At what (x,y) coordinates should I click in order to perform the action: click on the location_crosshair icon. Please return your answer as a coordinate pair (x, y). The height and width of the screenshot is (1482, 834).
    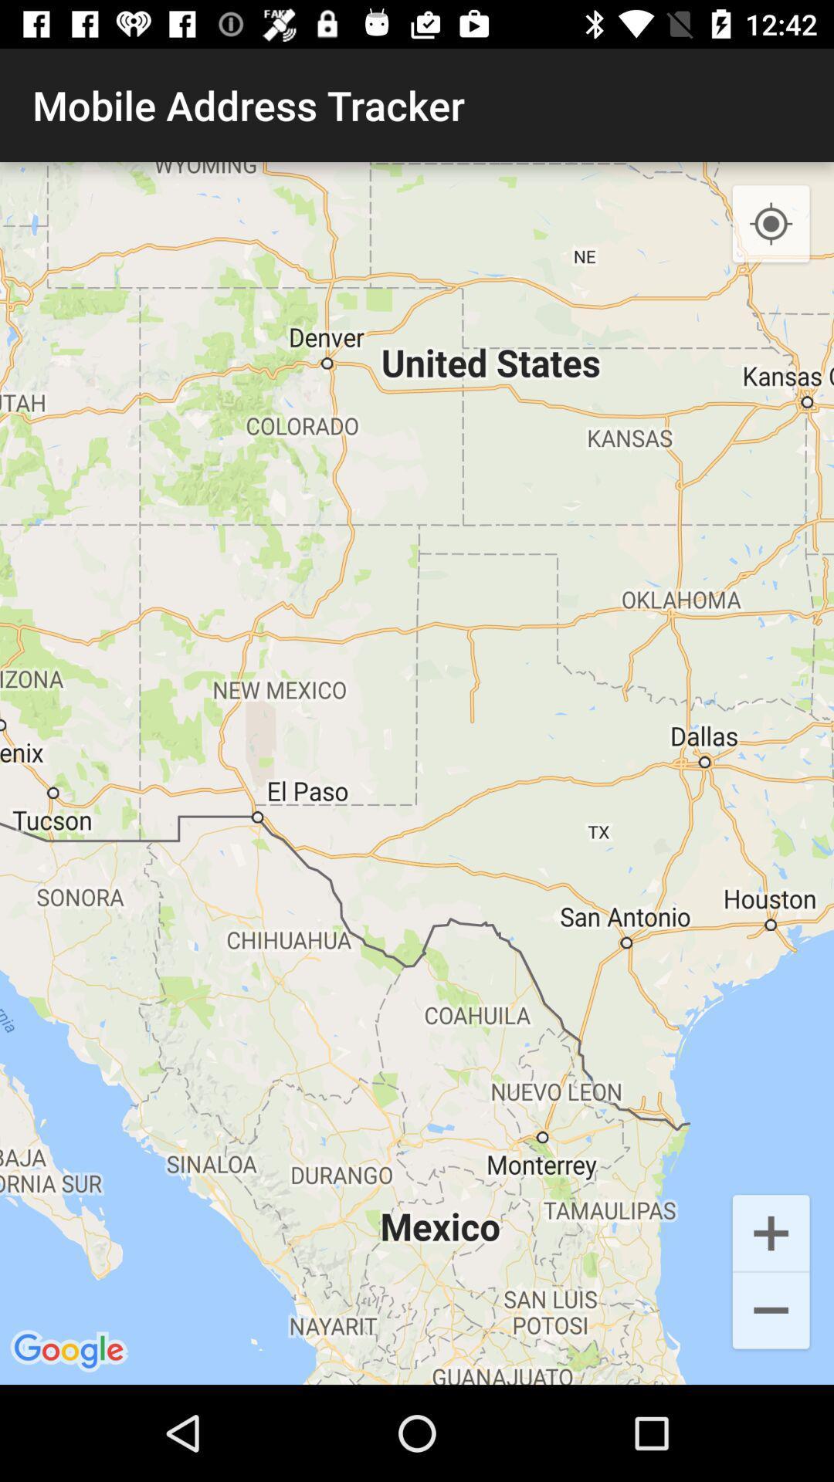
    Looking at the image, I should click on (771, 224).